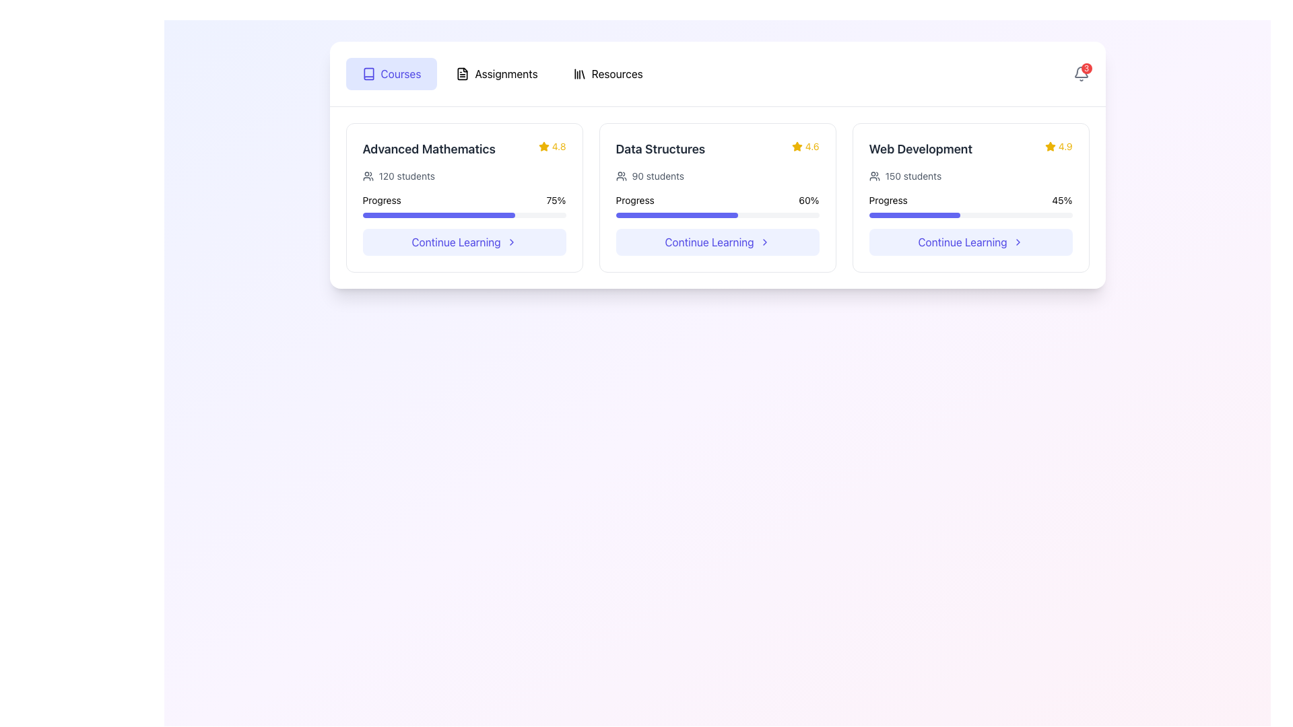  What do you see at coordinates (1081, 74) in the screenshot?
I see `the Notification indicator located at the top-right corner of the page's notification section to read the notification count` at bounding box center [1081, 74].